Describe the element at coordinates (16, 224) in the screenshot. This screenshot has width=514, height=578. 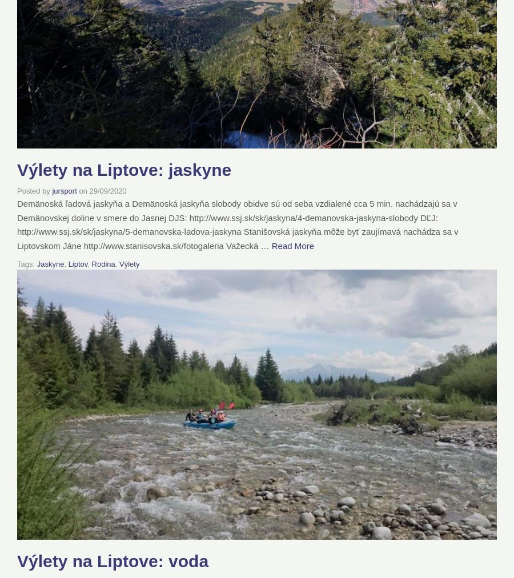
I see `'Demänoská ľadová jaskyňa a Demänoská jaskyňa slobody obidve sú od seba vzdialené cca 5 min. nachádzajú sa v Demänovskej doline v smere do Jasnej DJS: http://www.ssj.sk/sk/jaskyna/4-demanovska-jaskyna-slobody DĽJ: http://www.ssj.sk/sk/jaskyna/5-demanovska-ladova-jaskyna Stanišovská jaskyňa môže byť zaujímavá nachádza sa v Liptovskom Jáne http://www.stanisovska.sk/fotogaleria Važecká …'` at that location.